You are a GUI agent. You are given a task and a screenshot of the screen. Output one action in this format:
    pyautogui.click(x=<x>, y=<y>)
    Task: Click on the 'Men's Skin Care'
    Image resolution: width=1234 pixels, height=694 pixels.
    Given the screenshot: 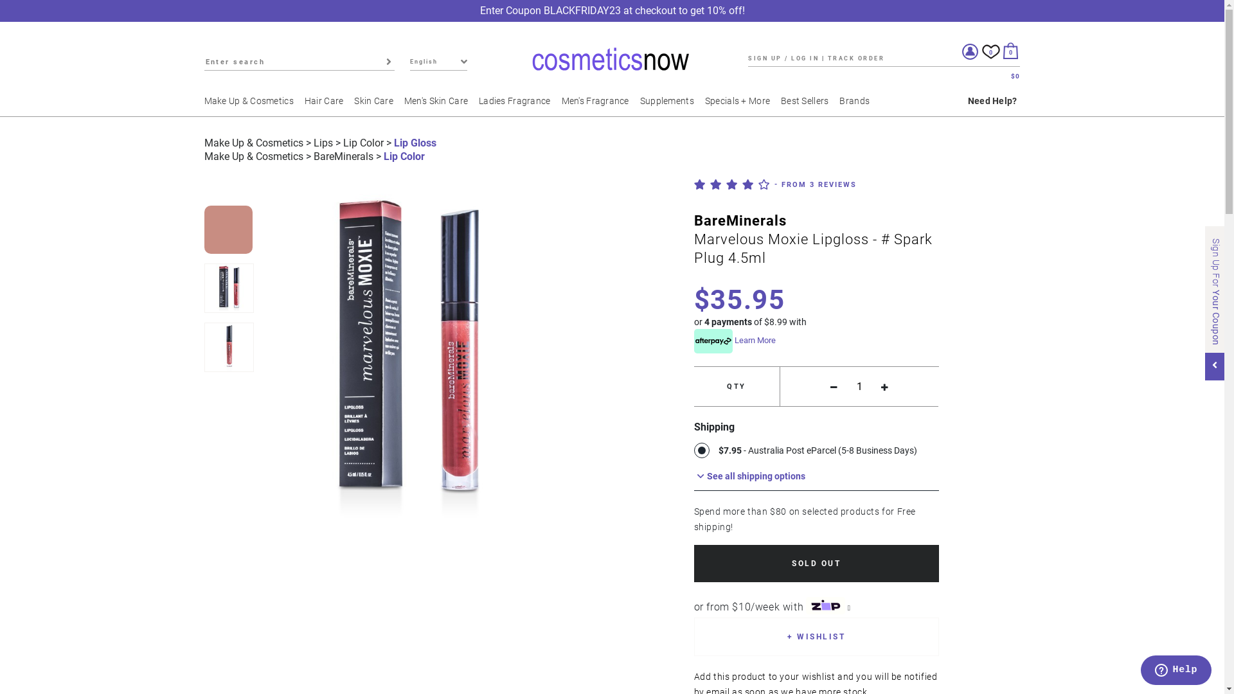 What is the action you would take?
    pyautogui.click(x=440, y=105)
    